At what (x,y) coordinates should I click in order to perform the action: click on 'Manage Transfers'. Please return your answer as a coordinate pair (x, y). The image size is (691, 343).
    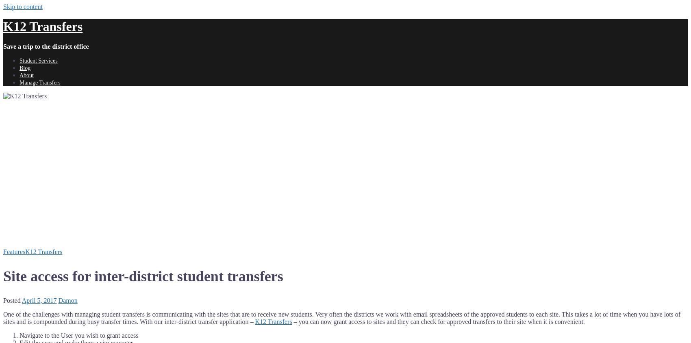
    Looking at the image, I should click on (39, 82).